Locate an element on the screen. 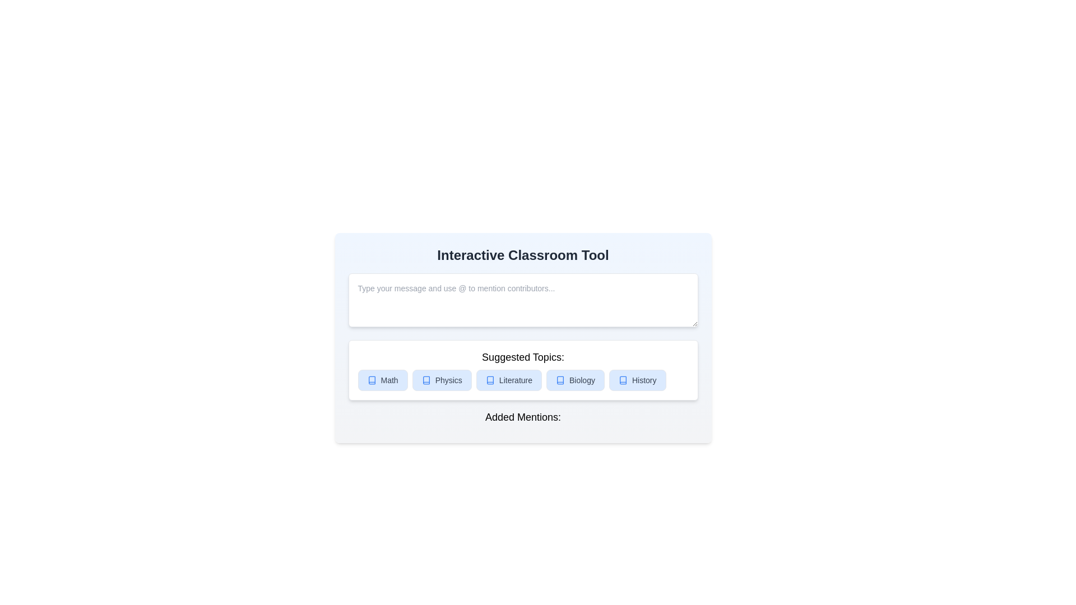 This screenshot has height=605, width=1076. the 'History' button located is located at coordinates (637, 379).